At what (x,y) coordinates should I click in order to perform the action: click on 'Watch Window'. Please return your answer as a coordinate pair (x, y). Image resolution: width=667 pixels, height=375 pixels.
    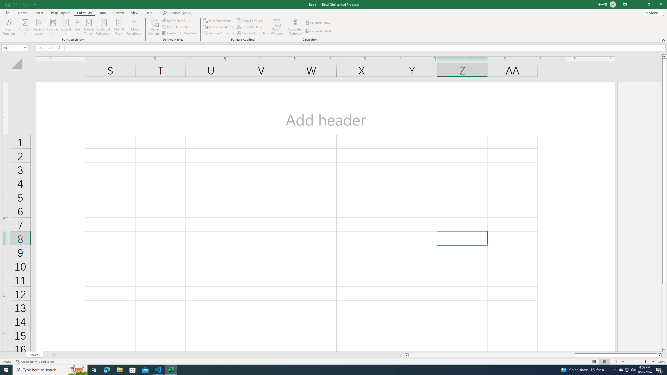
    Looking at the image, I should click on (276, 27).